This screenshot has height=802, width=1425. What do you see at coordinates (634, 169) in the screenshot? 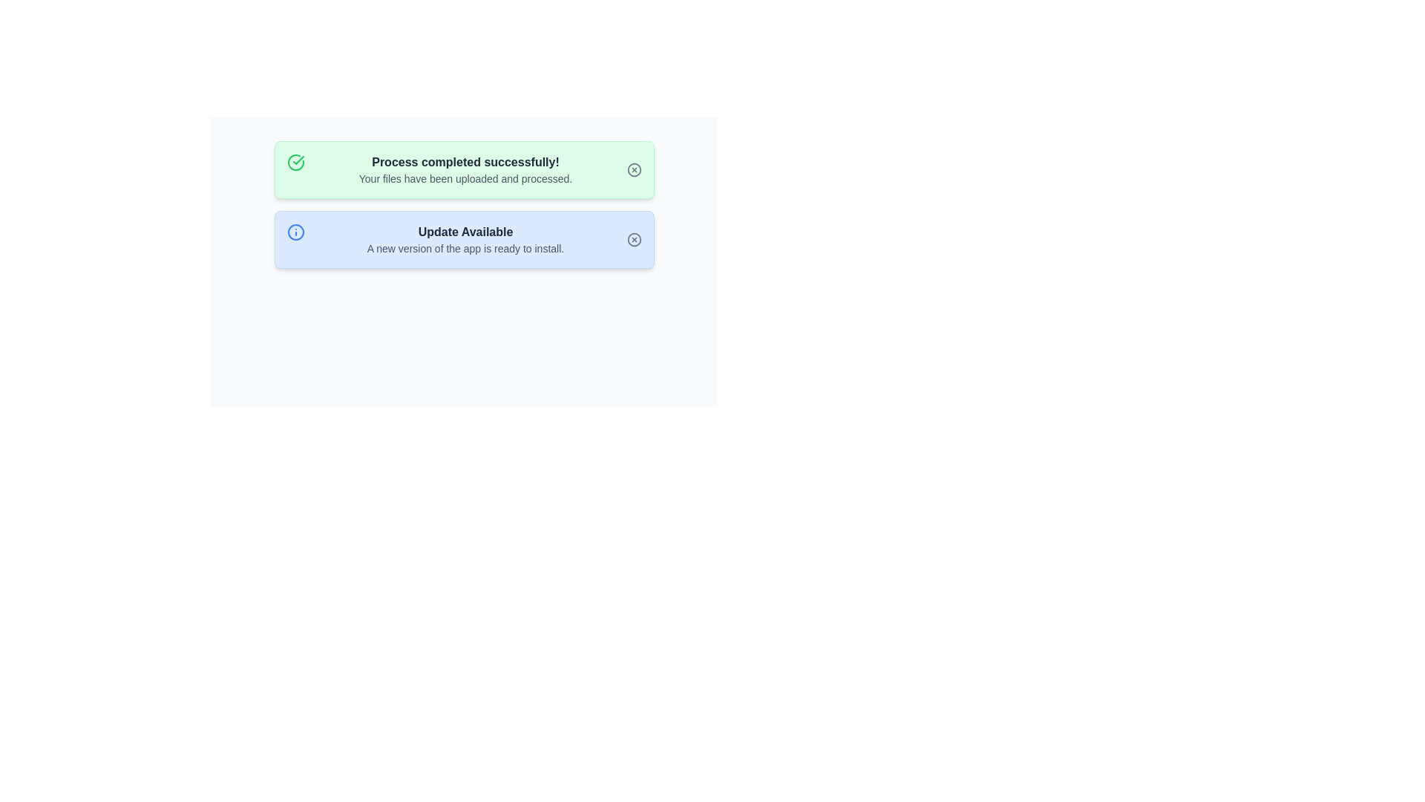
I see `the Circular dismiss icon located at the top-right corner of the green notification banner` at bounding box center [634, 169].